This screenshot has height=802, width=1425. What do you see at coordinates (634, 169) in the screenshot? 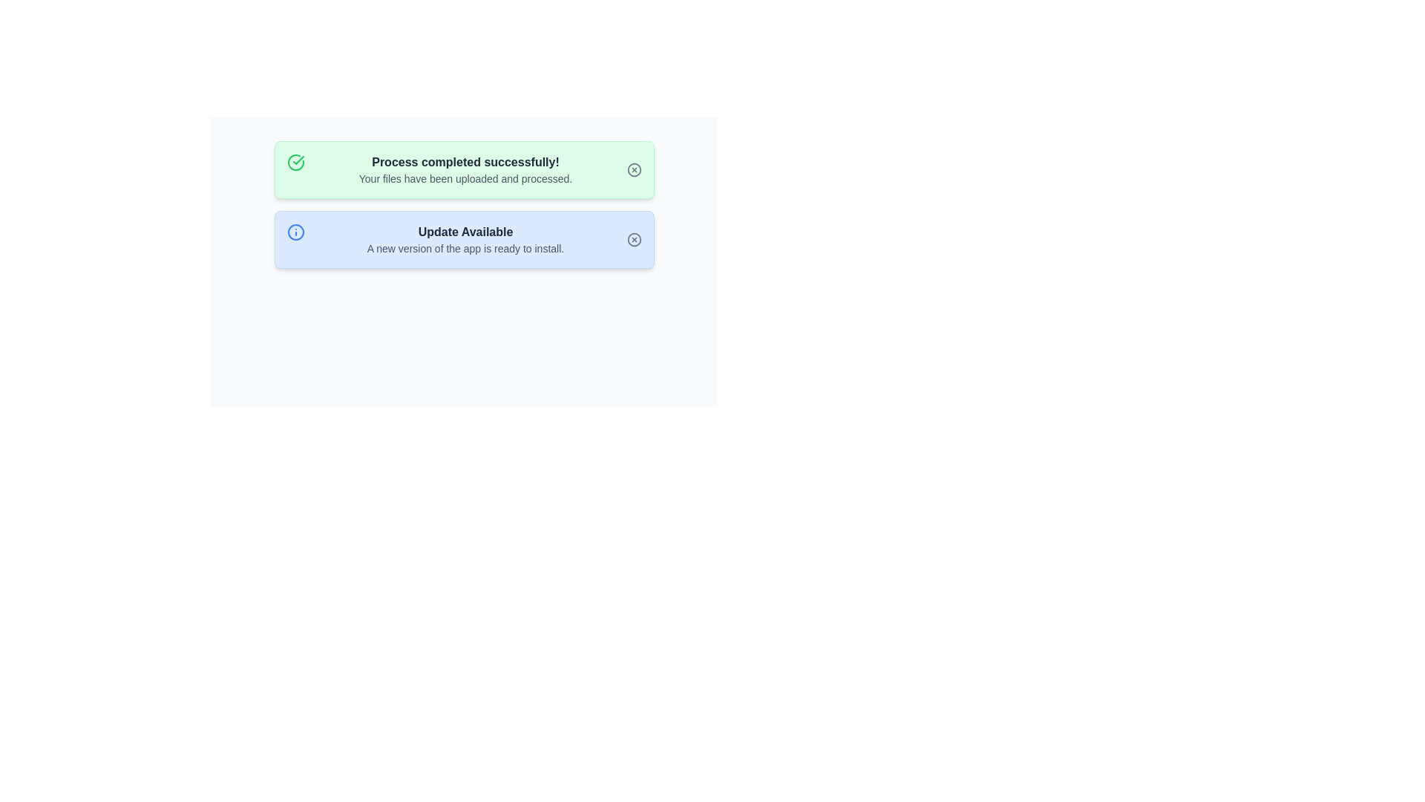
I see `the Circular dismiss icon located at the top-right corner of the green notification banner` at bounding box center [634, 169].